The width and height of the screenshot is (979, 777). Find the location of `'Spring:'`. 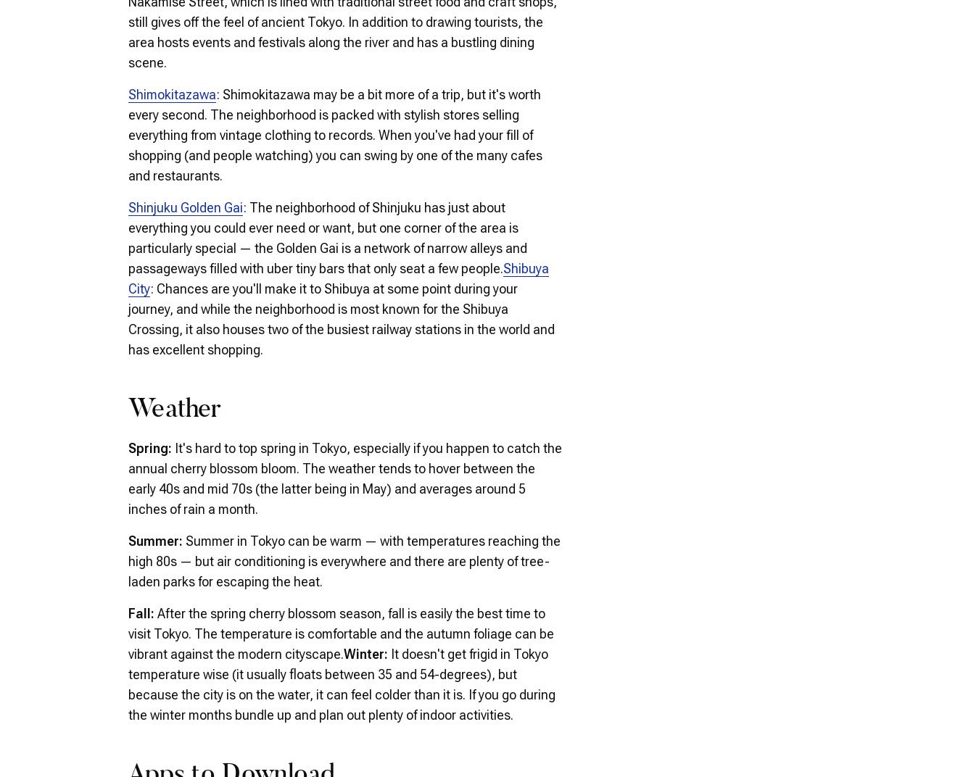

'Spring:' is located at coordinates (151, 447).